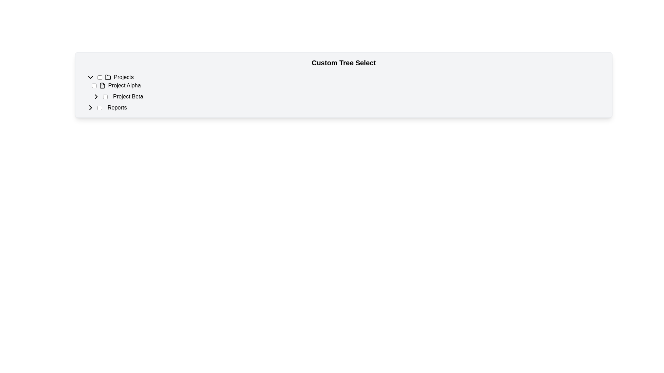 The height and width of the screenshot is (373, 664). Describe the element at coordinates (96, 97) in the screenshot. I see `the rightward-pointing chevron icon located adjacent to the text 'Project Beta'` at that location.